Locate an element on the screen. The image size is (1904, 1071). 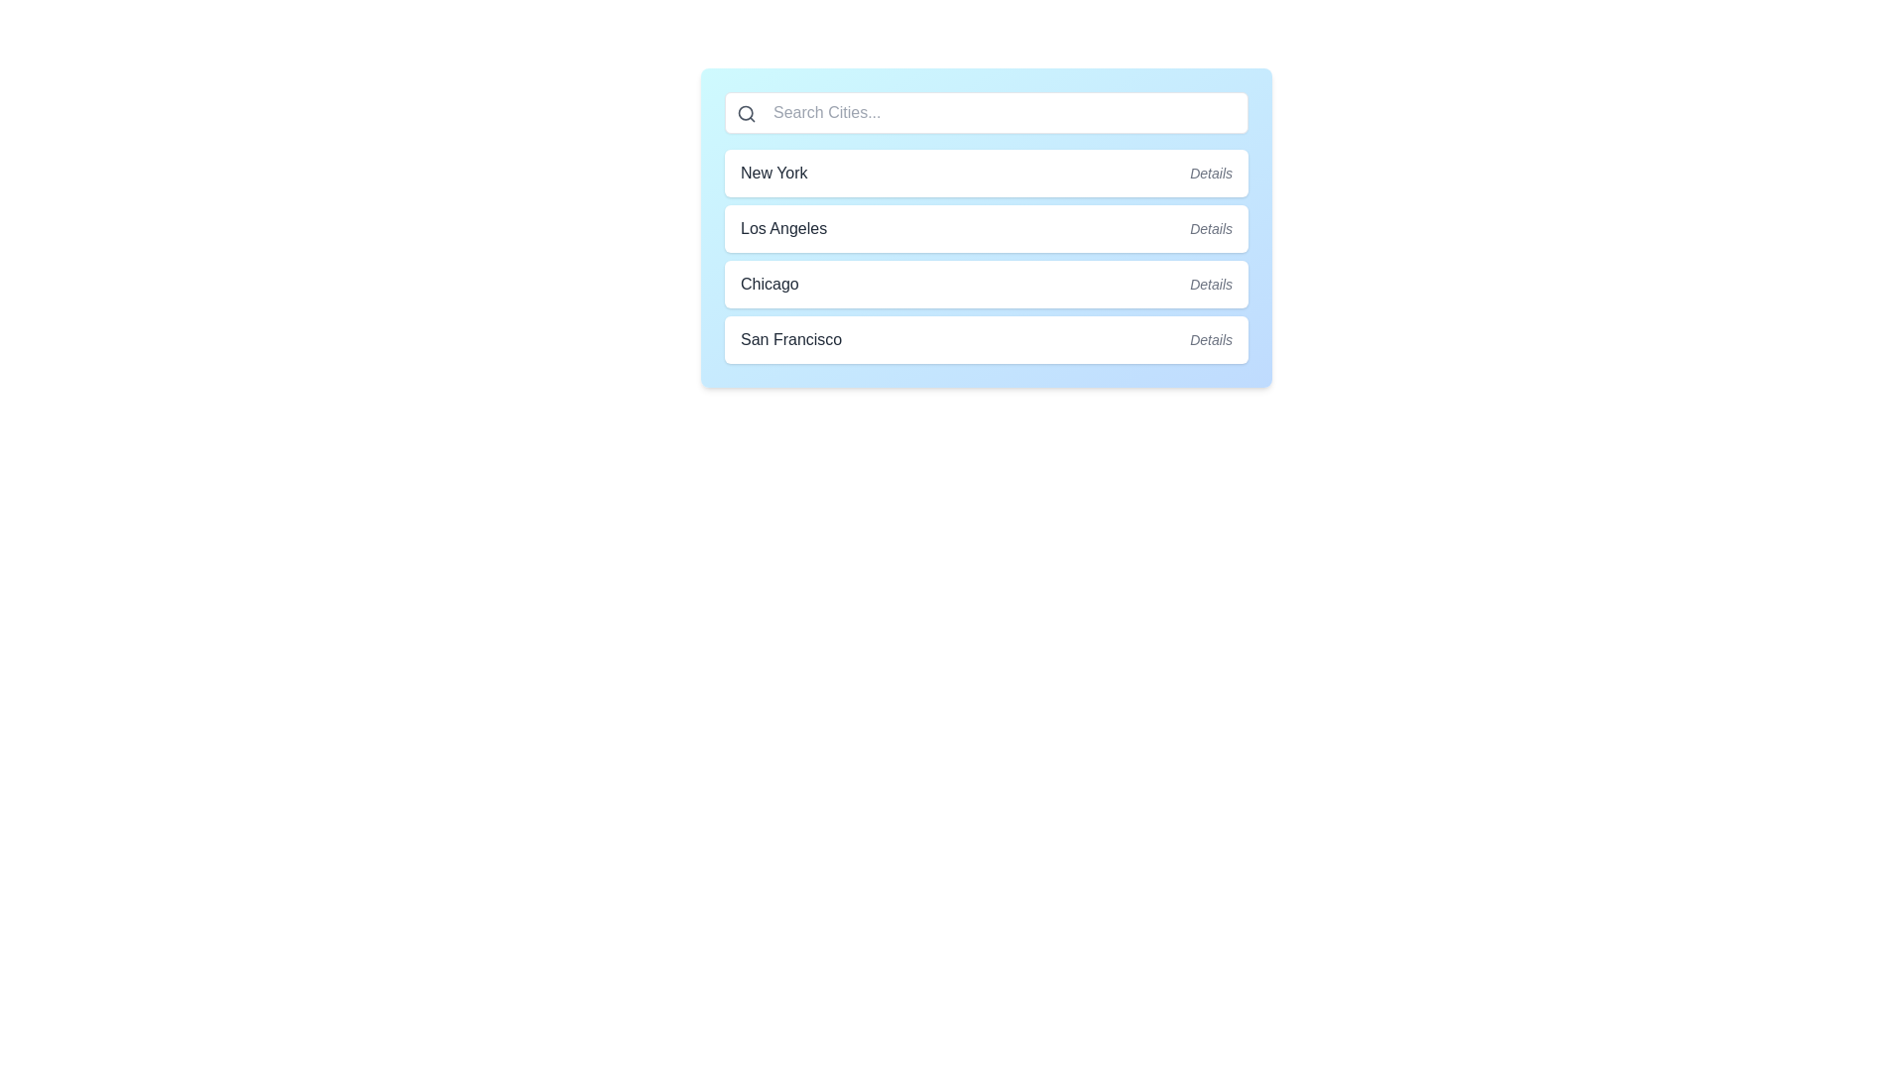
the 'Details' text label, which is styled with a smaller font size, italicized, and gray in color is located at coordinates (1210, 284).